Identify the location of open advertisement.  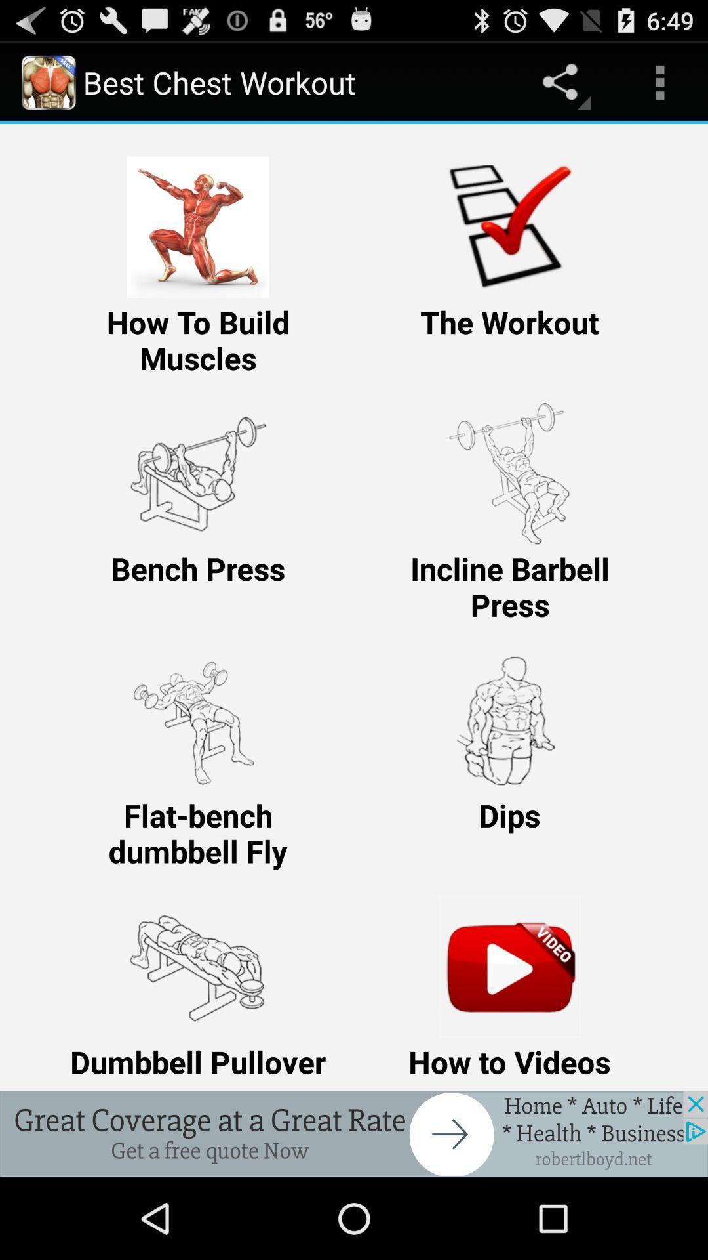
(354, 1133).